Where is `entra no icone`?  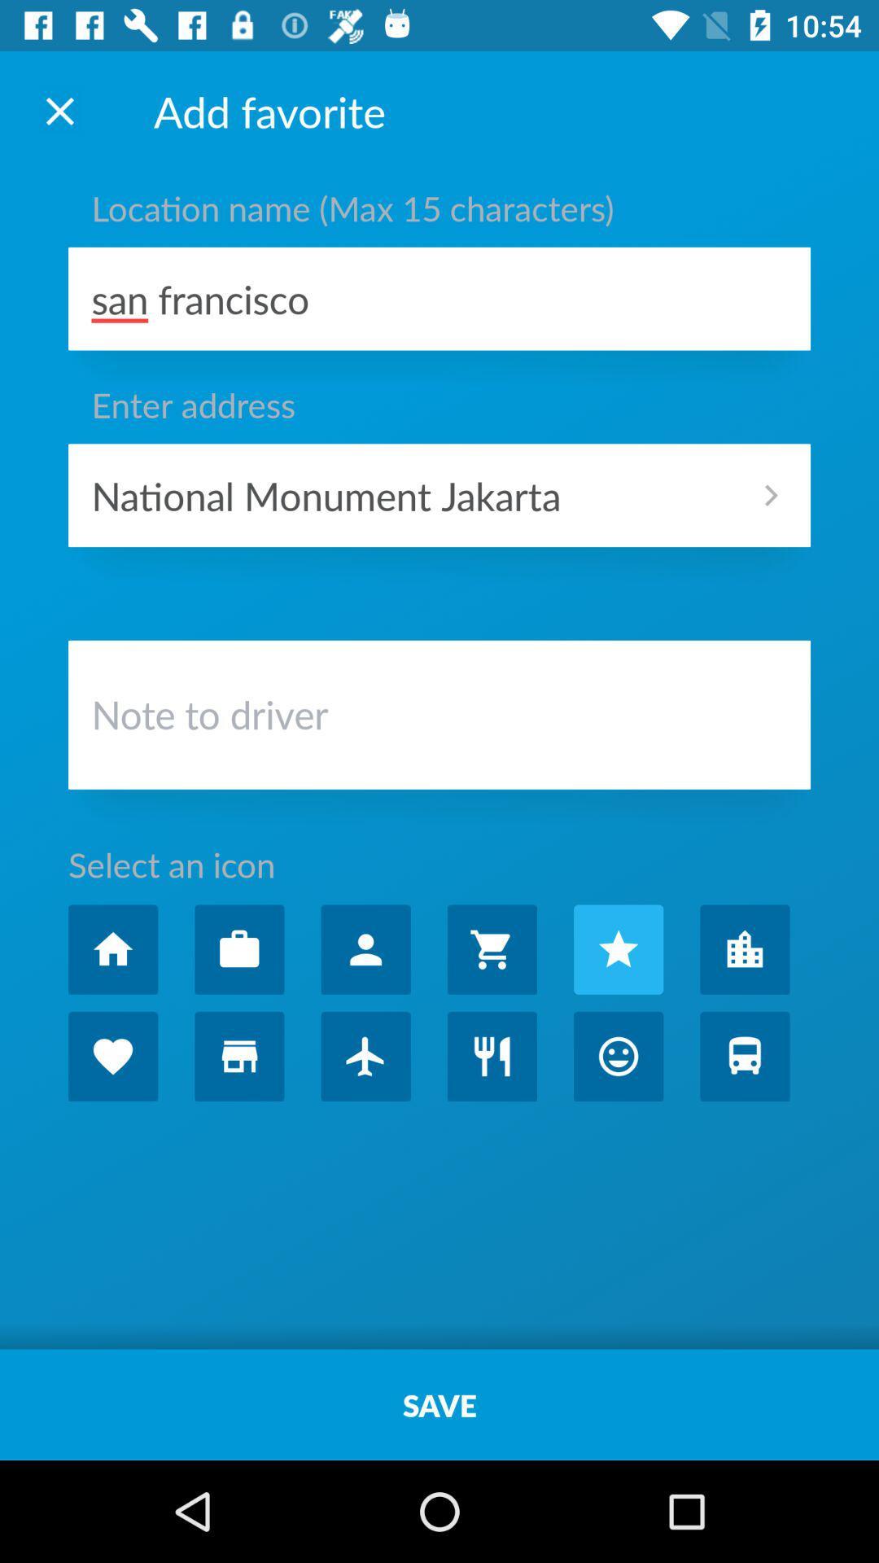 entra no icone is located at coordinates (745, 949).